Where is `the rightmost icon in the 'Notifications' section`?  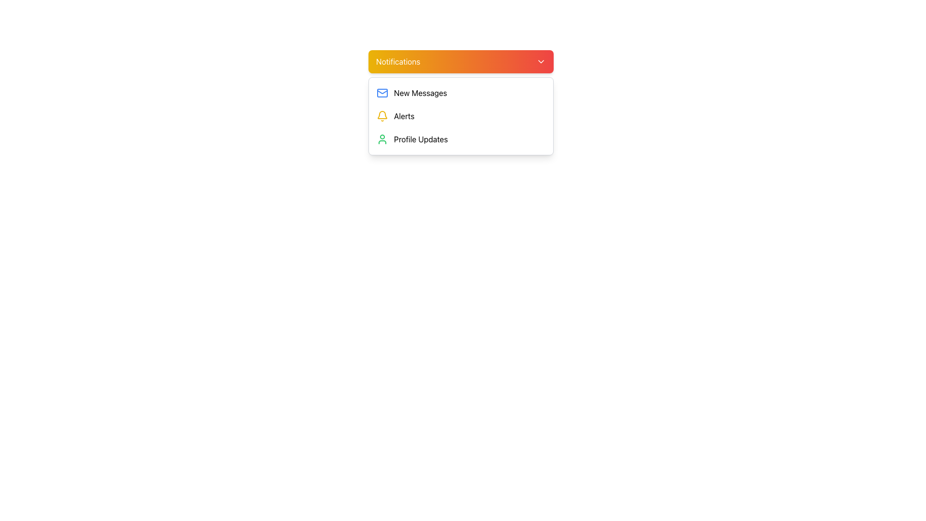
the rightmost icon in the 'Notifications' section is located at coordinates (541, 61).